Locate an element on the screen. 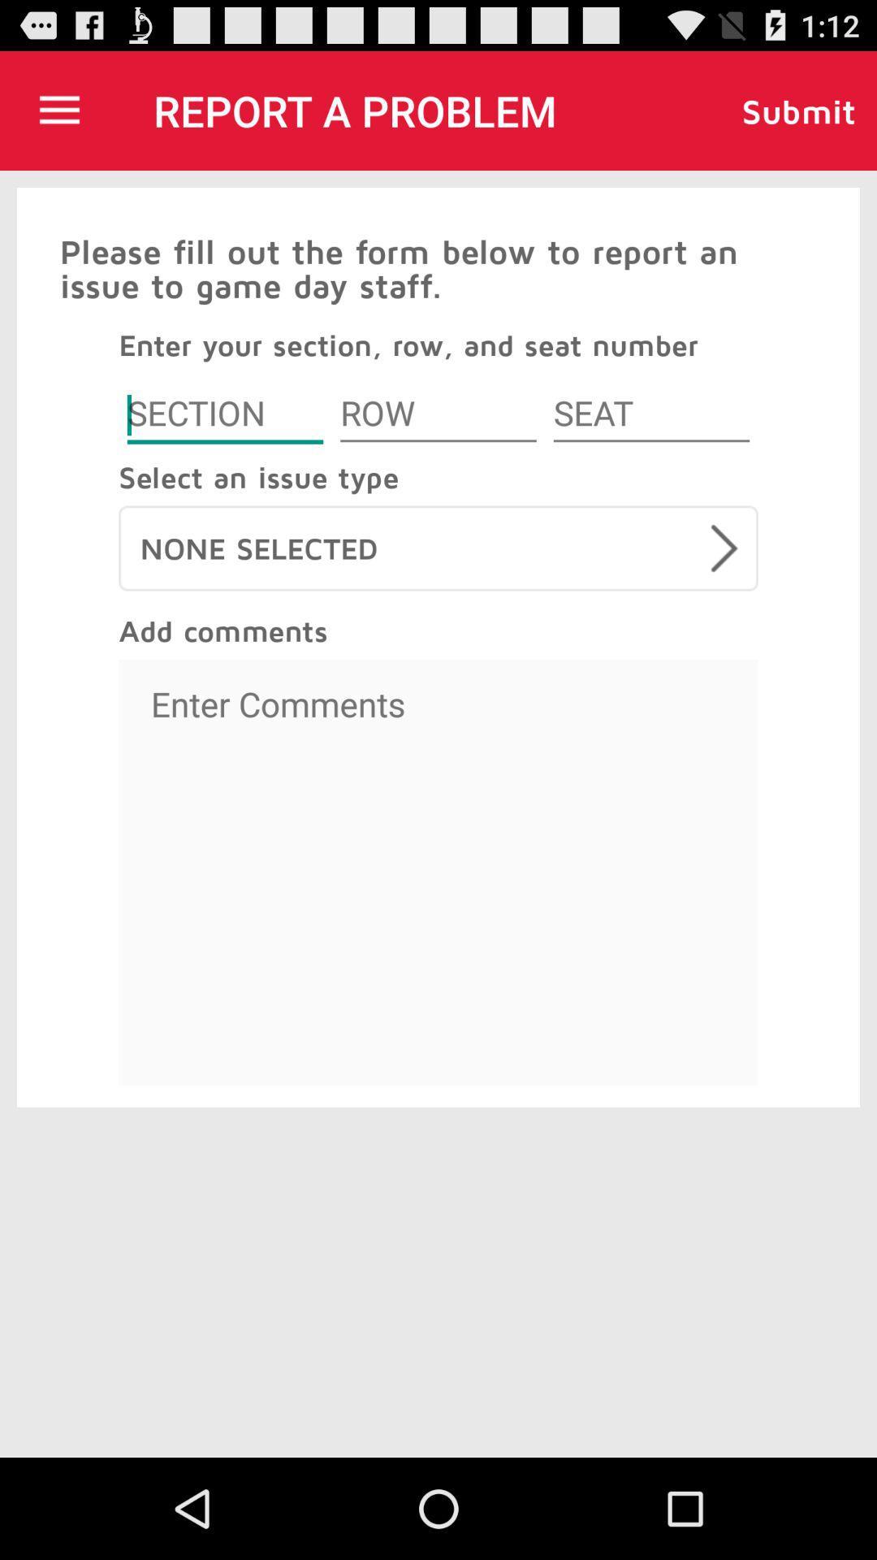 Image resolution: width=877 pixels, height=1560 pixels. seat choosing is located at coordinates (650, 416).